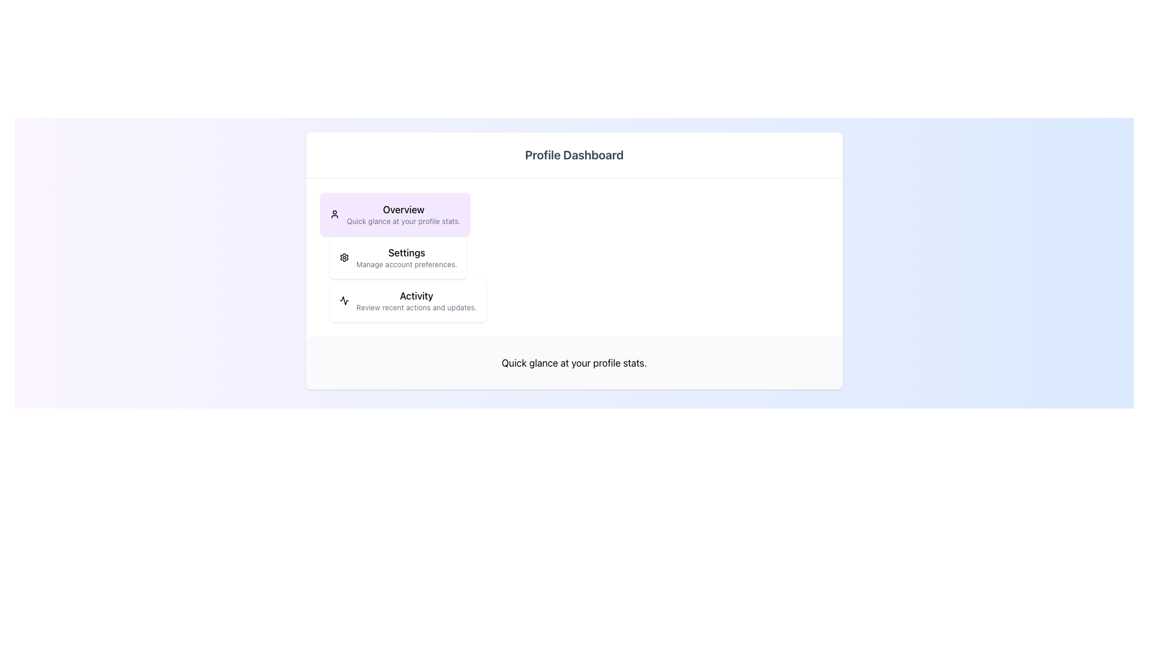 The height and width of the screenshot is (647, 1150). I want to click on the 'Settings' button, which has a gear icon and is positioned between 'Overview' and 'Activity' in the vertical list, so click(398, 256).